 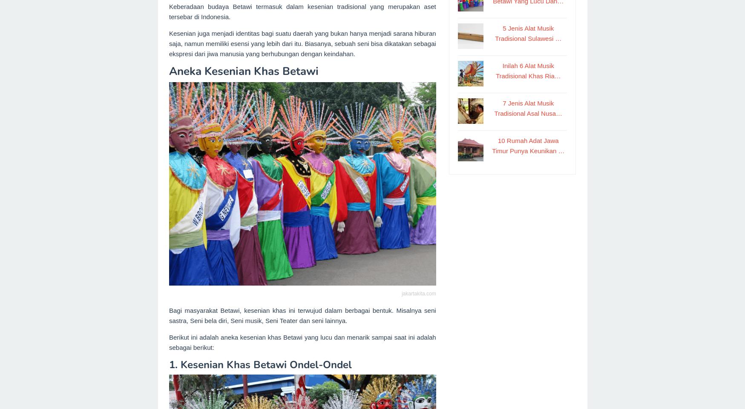 I want to click on 'Bagi masyarakat Betawi, kesenian khas ini terwujud dalam berbagai bentuk. Misalnya seni sastra, Seni bela diri, Seni musik, Seni Teater dan seni lainnya.', so click(x=302, y=315).